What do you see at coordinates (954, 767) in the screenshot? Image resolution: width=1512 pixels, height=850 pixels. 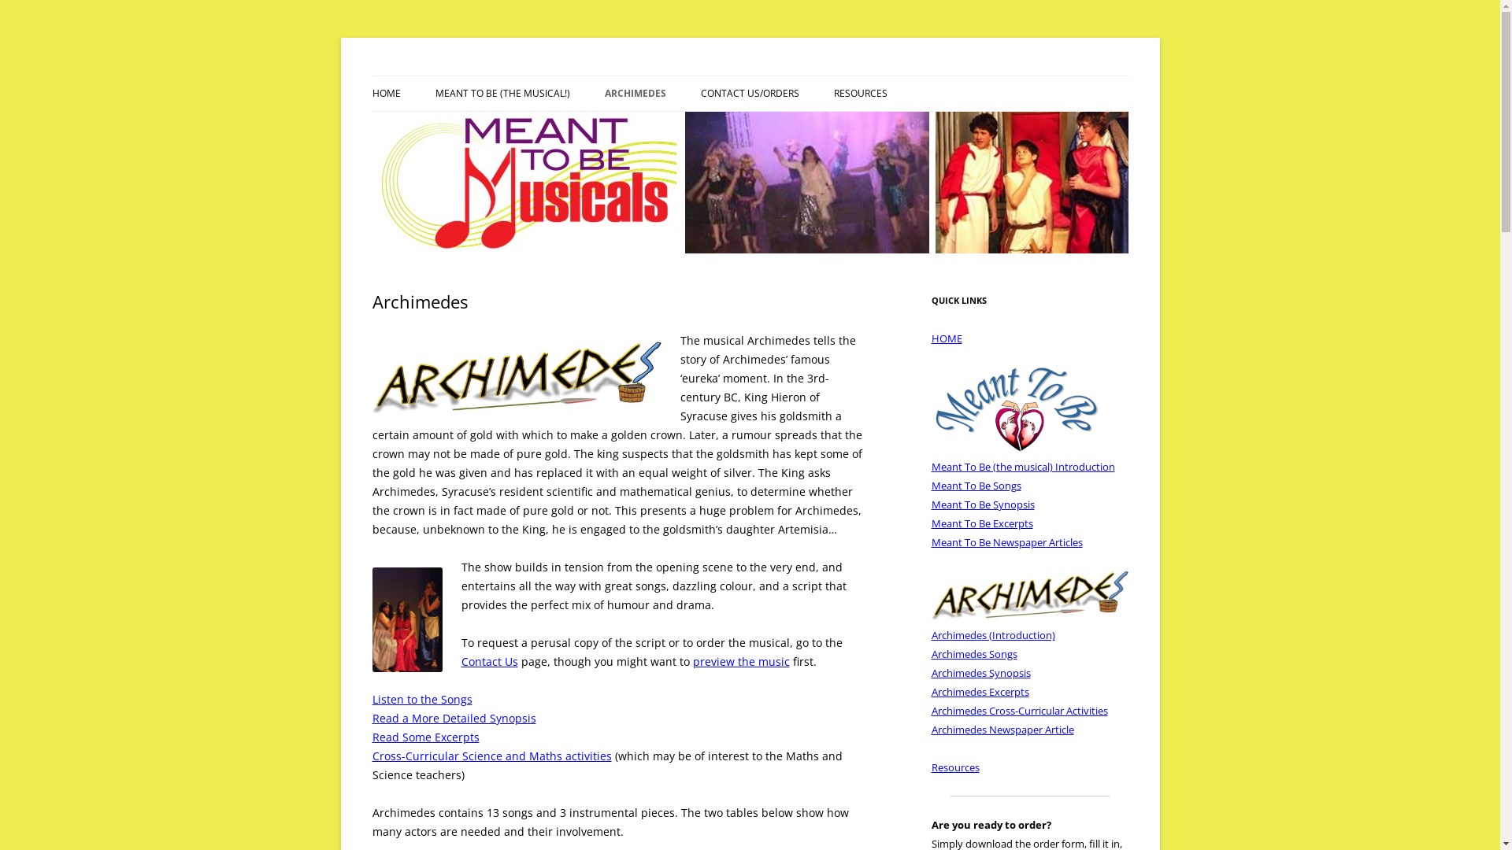 I see `'Resources'` at bounding box center [954, 767].